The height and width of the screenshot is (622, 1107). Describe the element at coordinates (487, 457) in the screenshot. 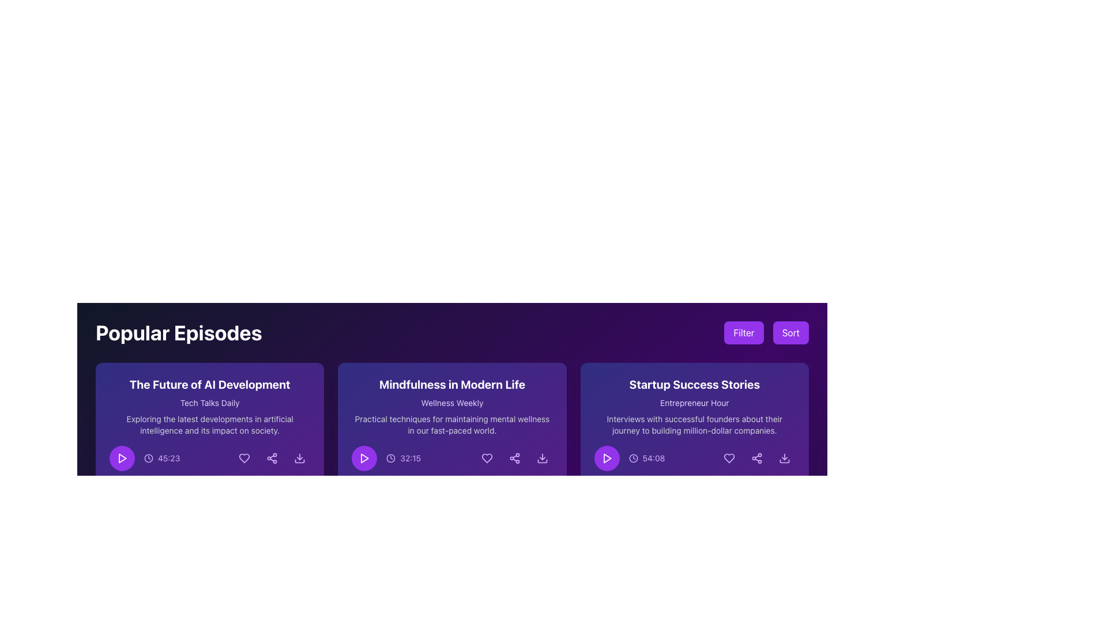

I see `the favorite icon button located in the bottom row of icons on the 'Mindfulness in Modern Life' podcast card` at that location.